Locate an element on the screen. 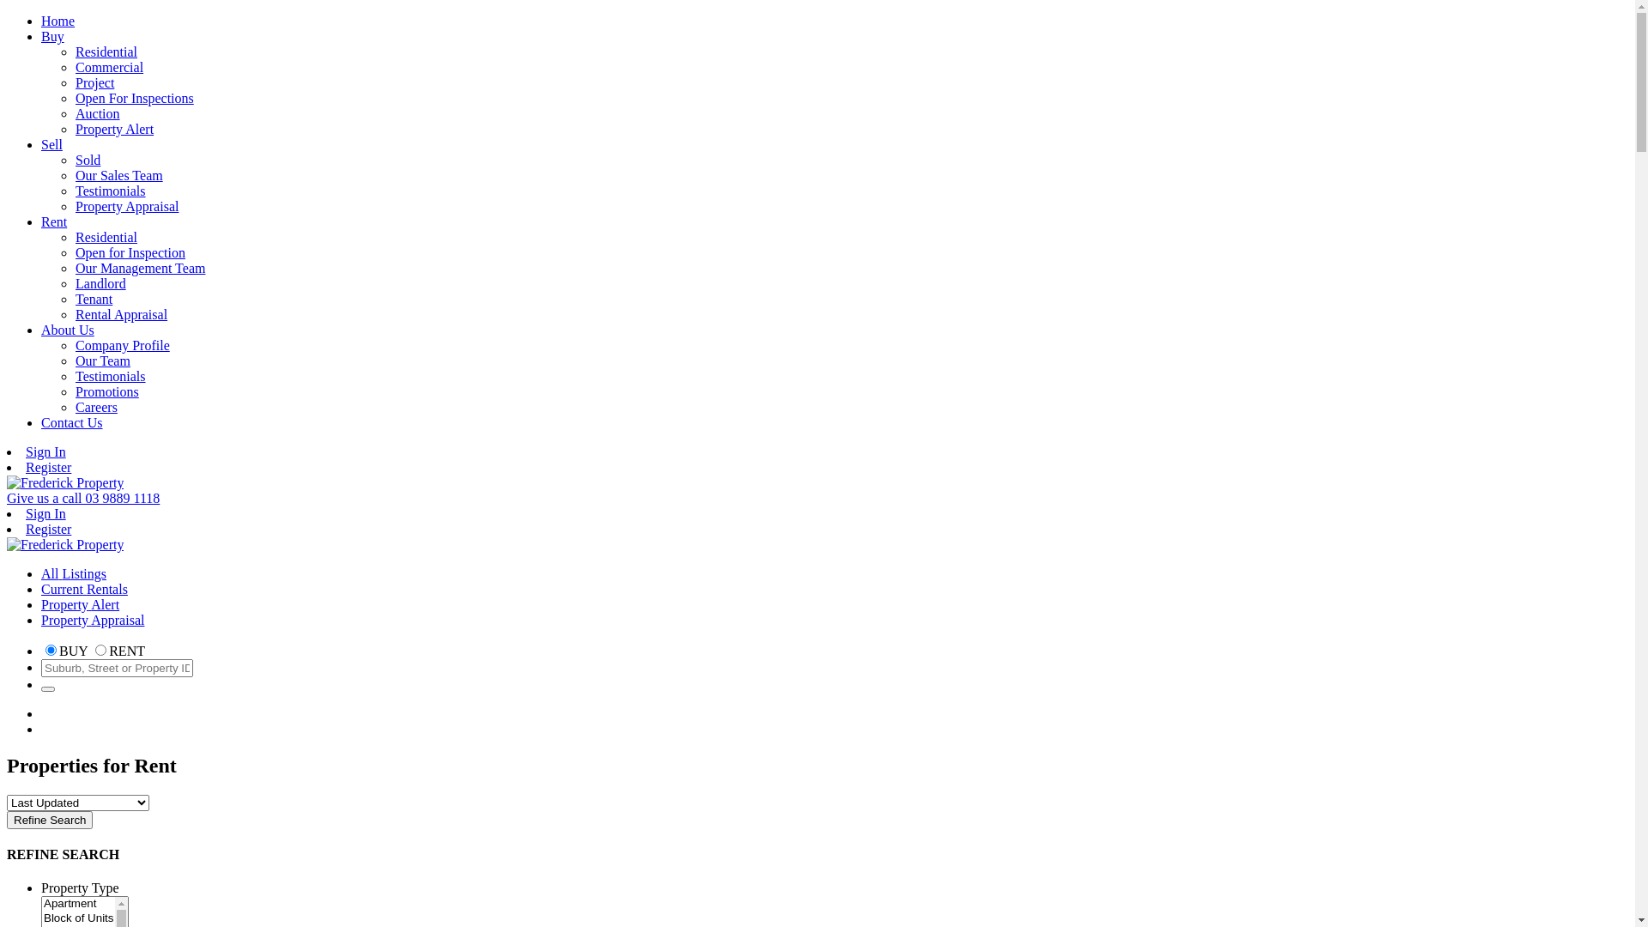 The width and height of the screenshot is (1648, 927). 'Careers' is located at coordinates (95, 407).